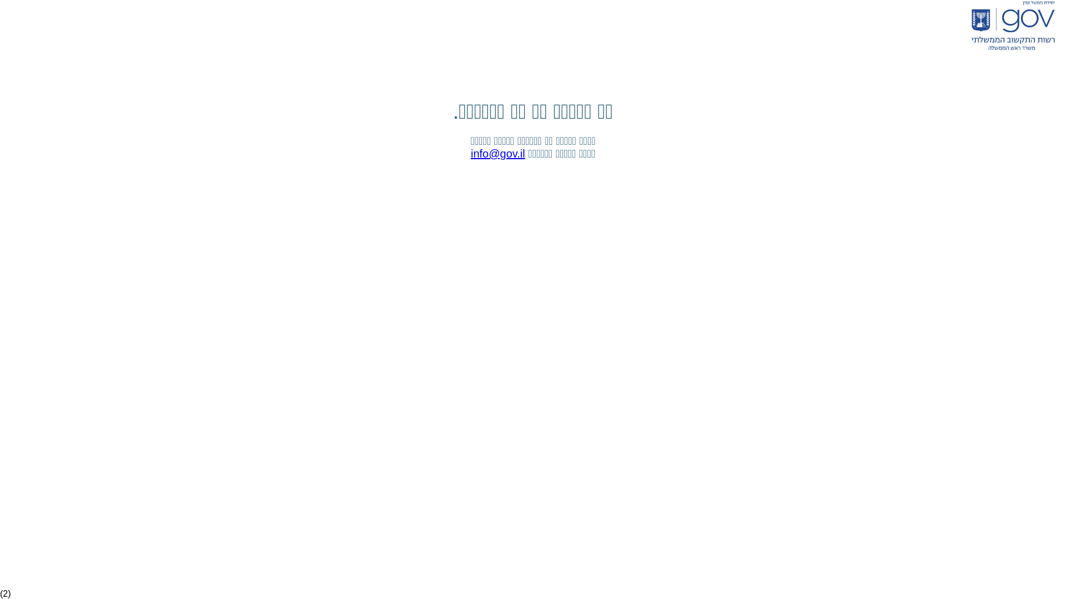  I want to click on 'info@gov.il', so click(497, 154).